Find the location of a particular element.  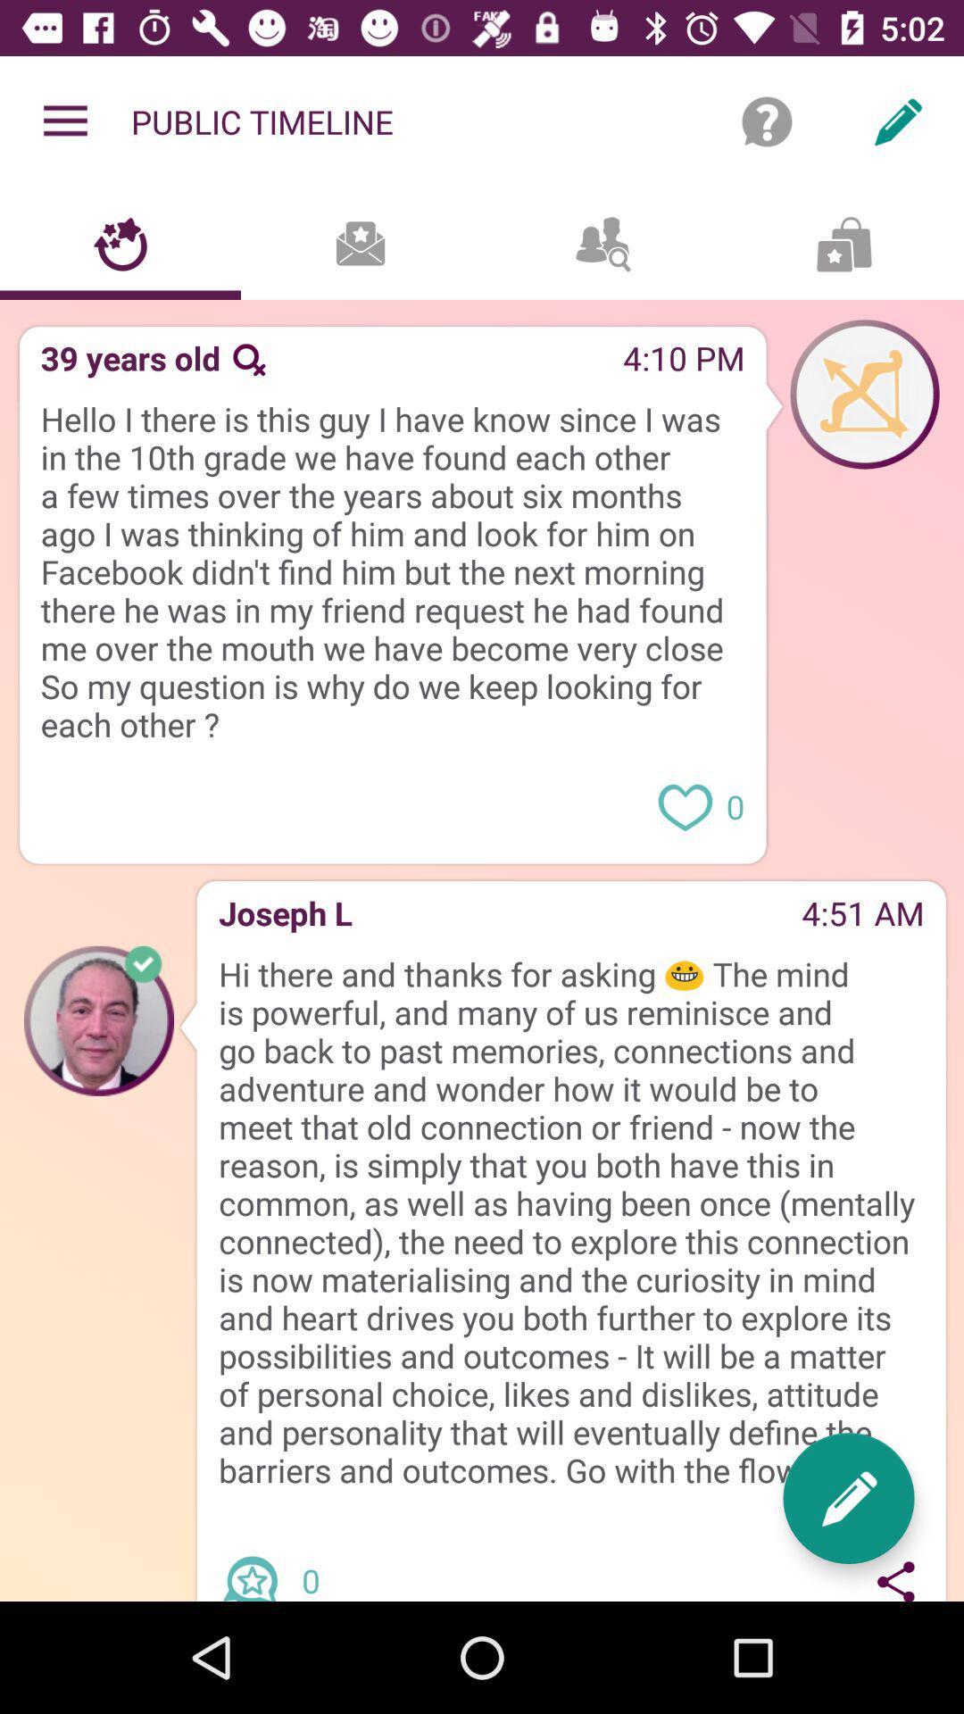

item to the right of the 0 item is located at coordinates (848, 1498).